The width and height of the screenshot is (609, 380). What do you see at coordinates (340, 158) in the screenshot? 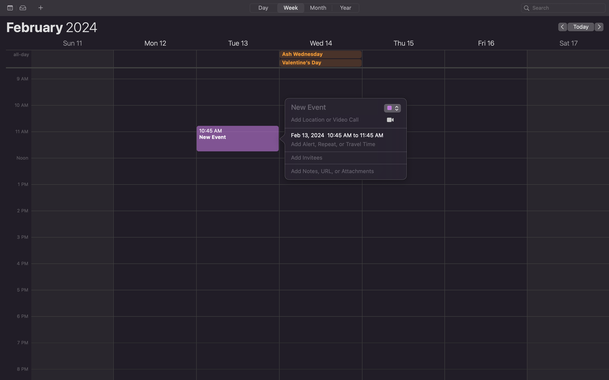
I see `the individual having the email "alice@gmail.com" to the list of invitees` at bounding box center [340, 158].